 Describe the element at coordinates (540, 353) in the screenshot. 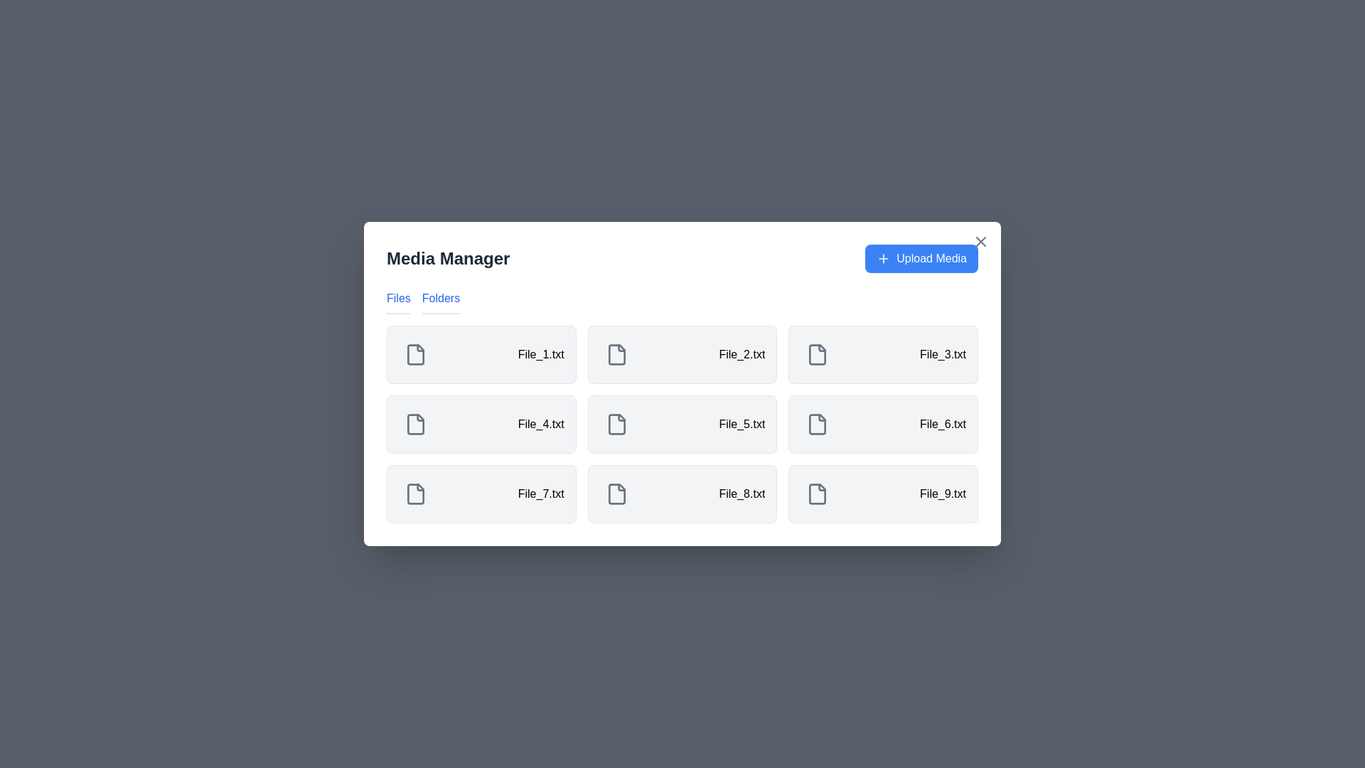

I see `the text label displaying the file name 'File_1.txt', which is located in the top-left corner of the file manager grid layout and is part of the first entry in the list` at that location.